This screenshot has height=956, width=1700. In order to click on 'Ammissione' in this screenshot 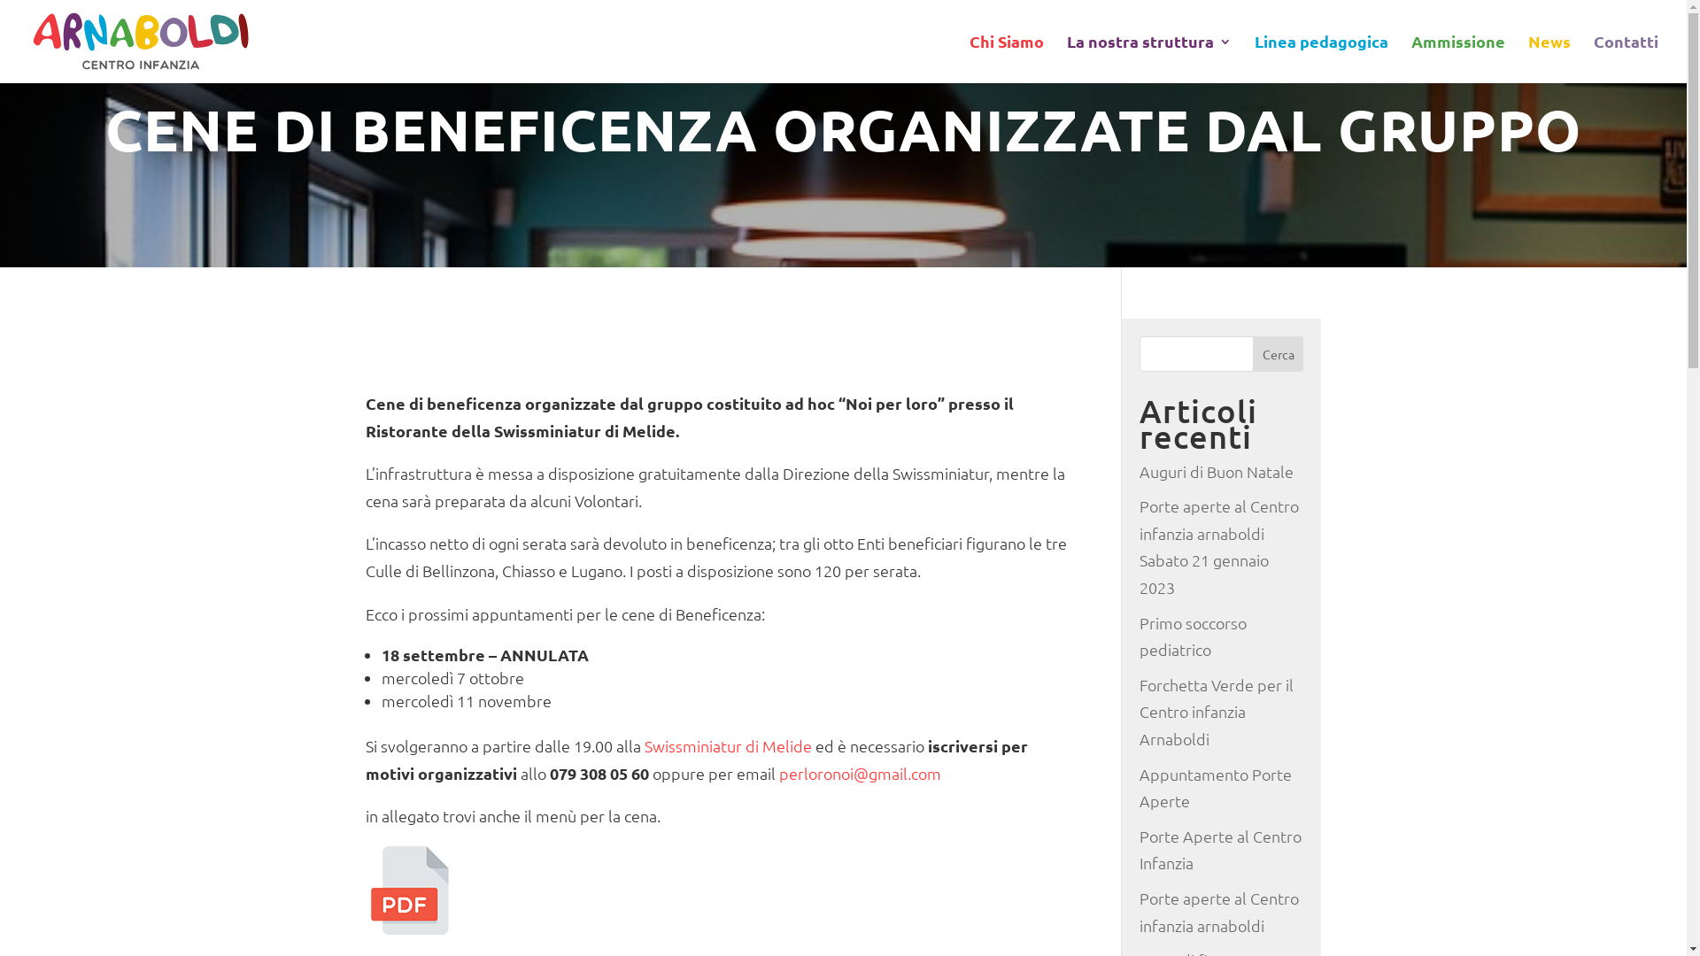, I will do `click(1457, 58)`.